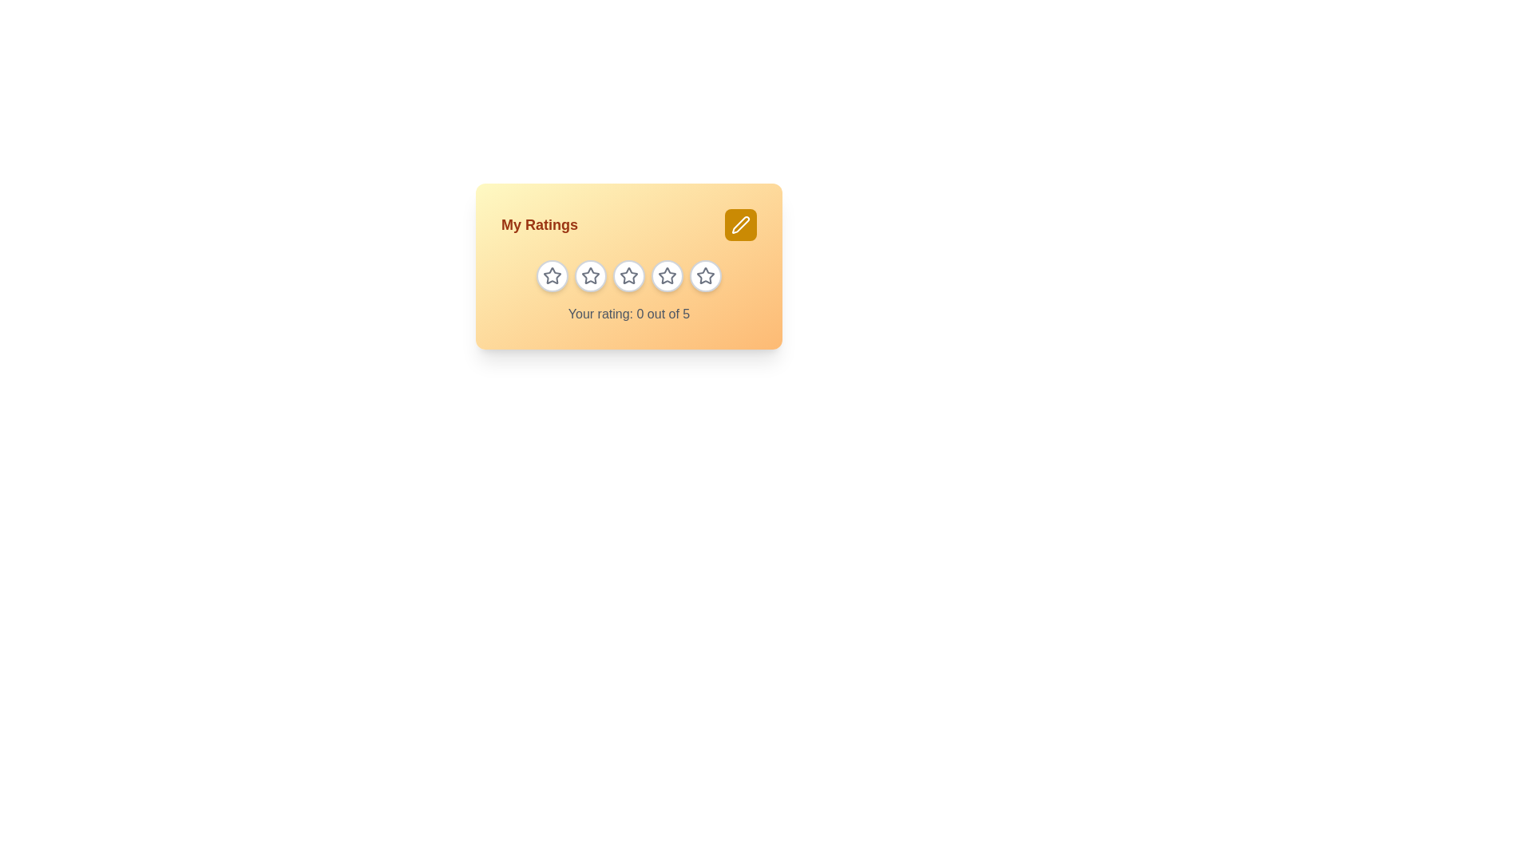 Image resolution: width=1533 pixels, height=862 pixels. Describe the element at coordinates (589, 275) in the screenshot. I see `the second star button in the 'My Ratings' section, which is a circular button with a white background and a gray border featuring an outlined star icon` at that location.